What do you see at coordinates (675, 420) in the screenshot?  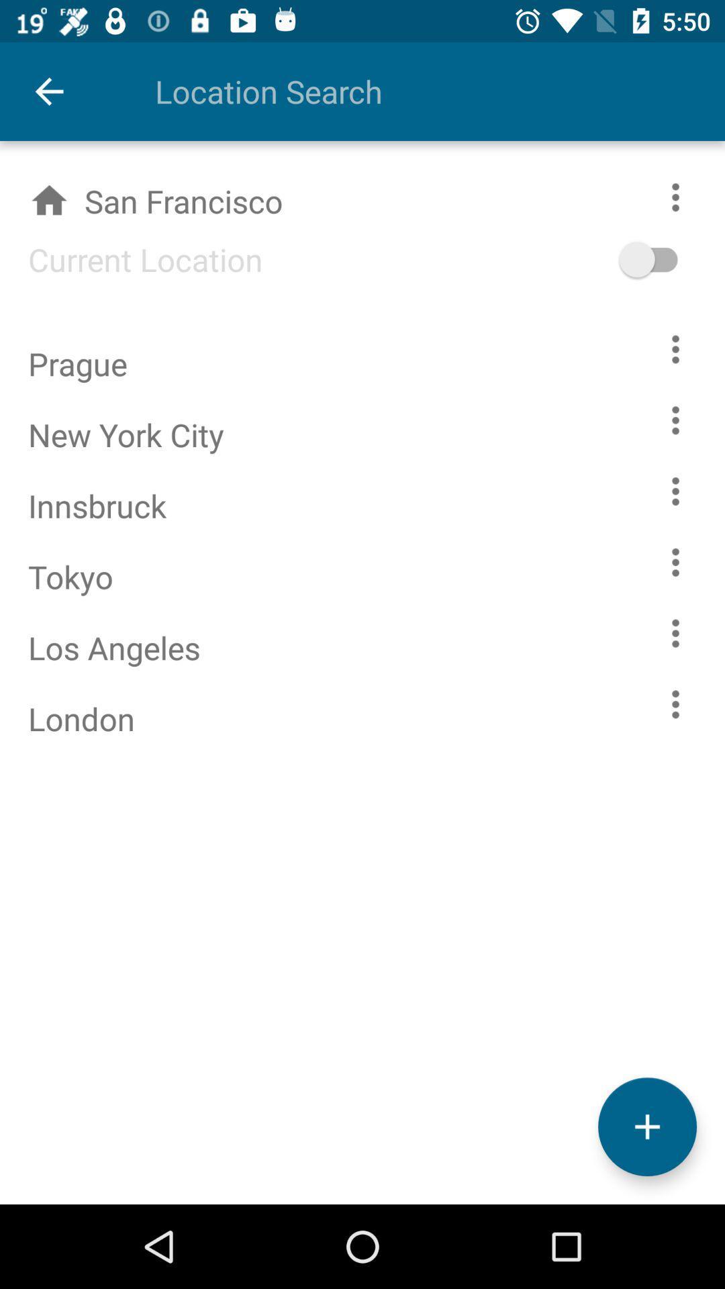 I see `new york city` at bounding box center [675, 420].